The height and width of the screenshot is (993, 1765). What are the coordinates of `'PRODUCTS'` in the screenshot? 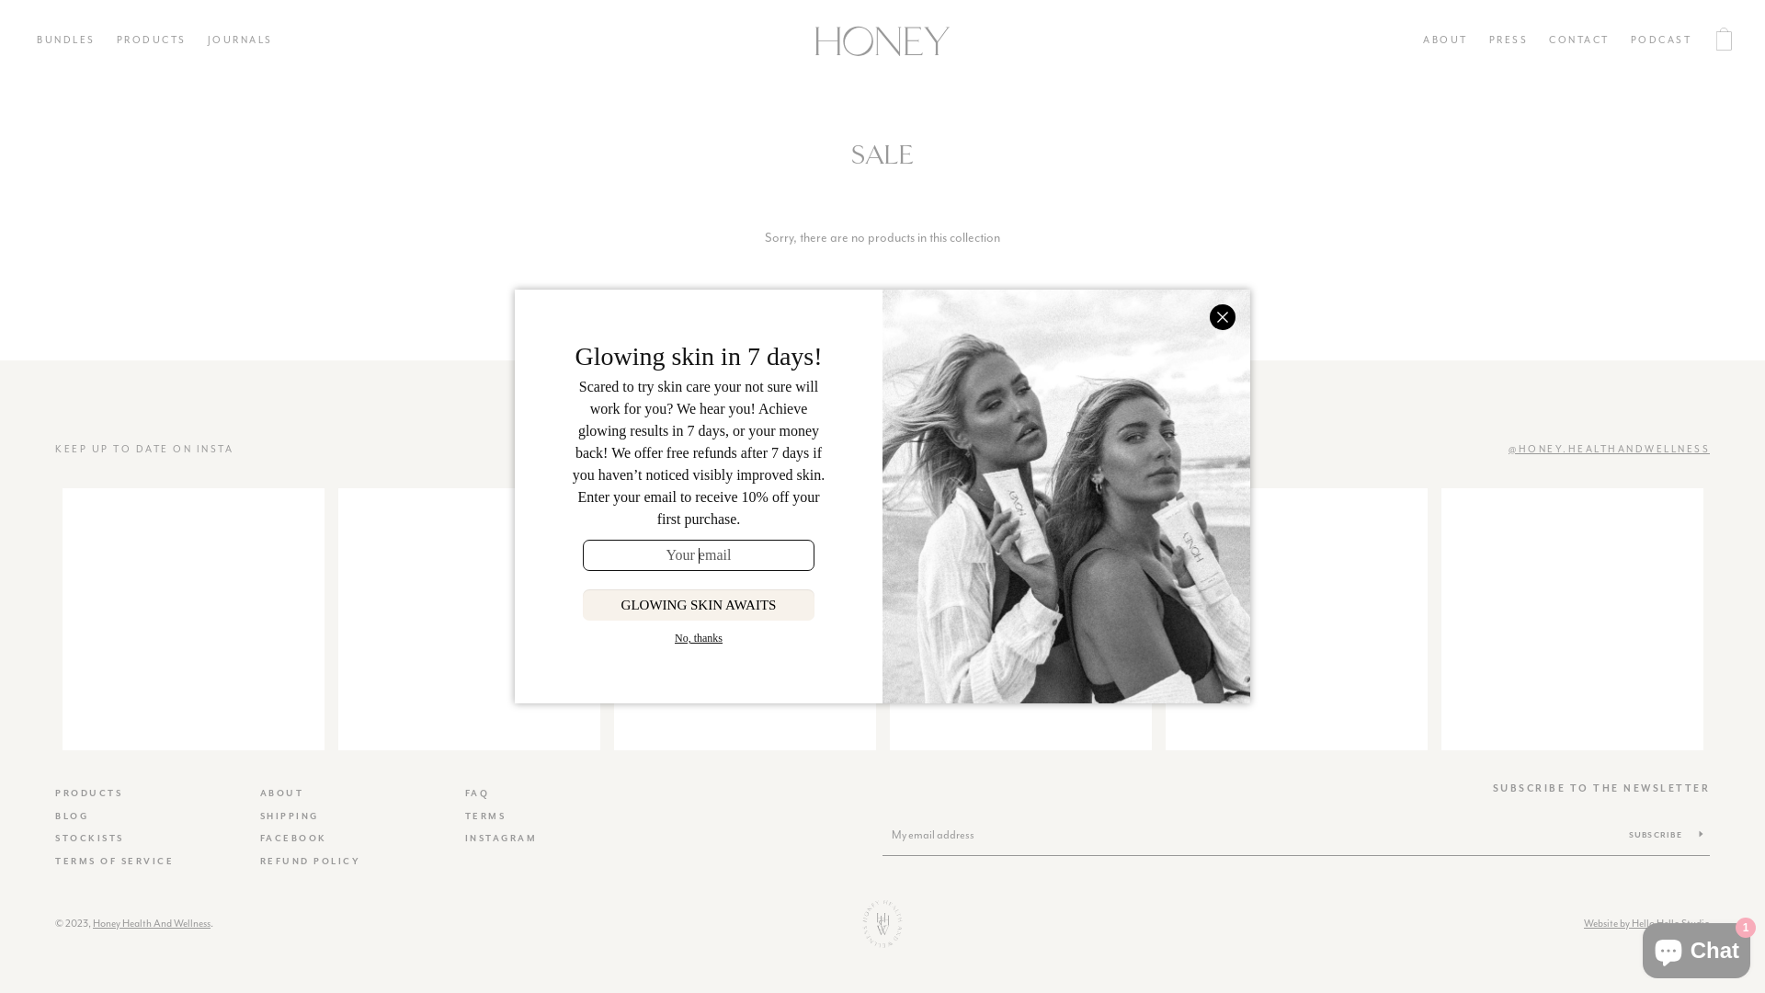 It's located at (150, 41).